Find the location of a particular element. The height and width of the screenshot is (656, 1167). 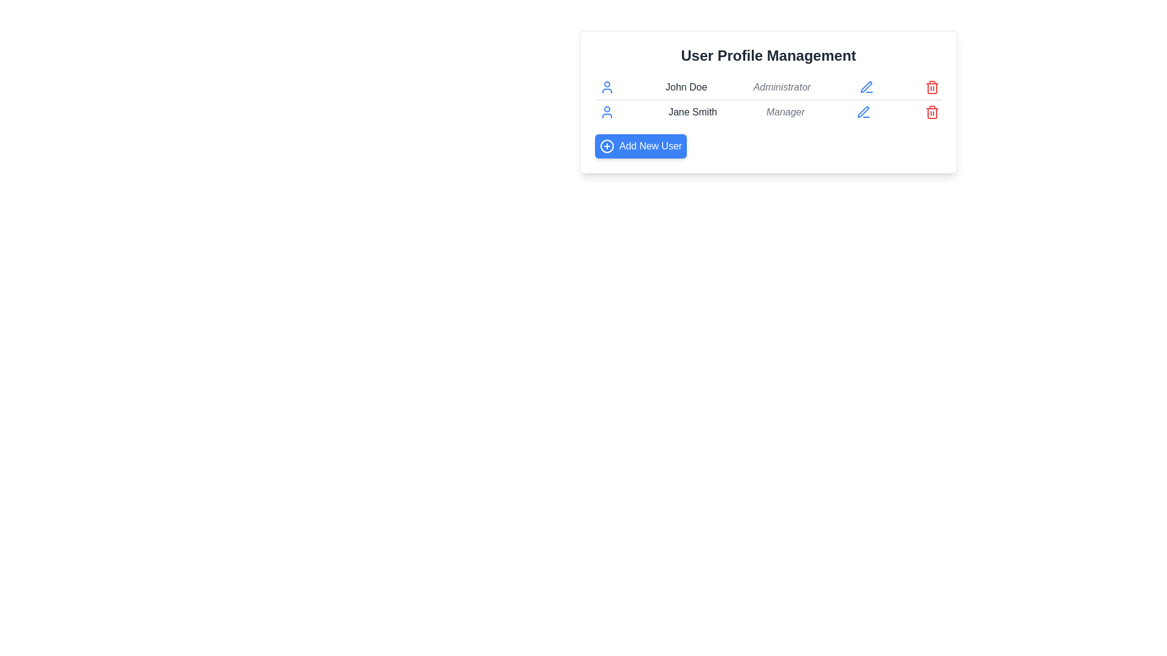

the static text label displaying 'Jane Smith' in the user profile list, located in the second row between a blue user icon and the text 'Manager' is located at coordinates (692, 112).